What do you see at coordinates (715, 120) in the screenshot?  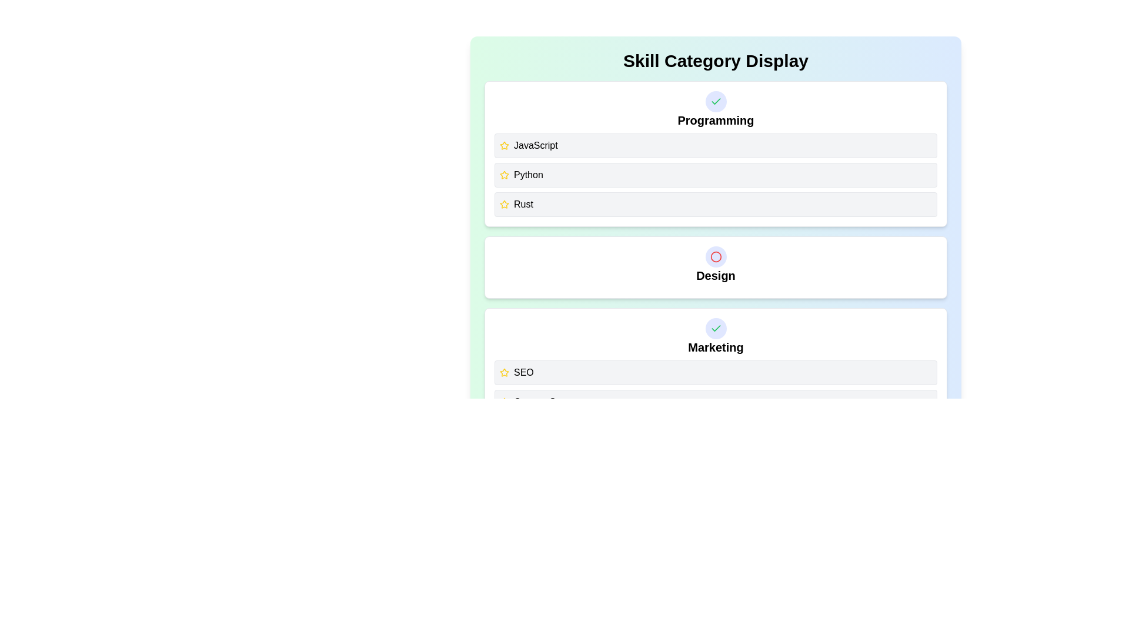 I see `the text of the category Programming` at bounding box center [715, 120].